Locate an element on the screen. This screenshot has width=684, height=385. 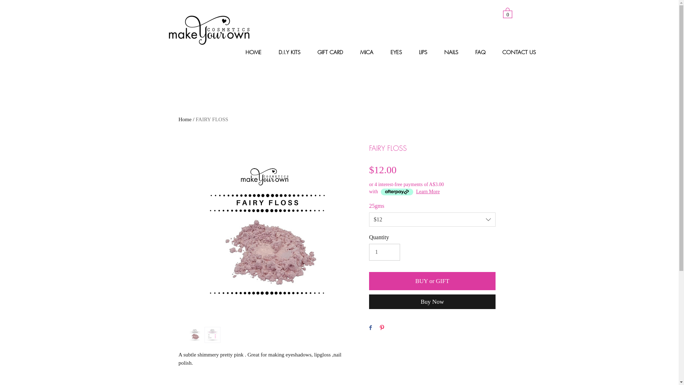
'FAIRY FLOSS' is located at coordinates (195, 119).